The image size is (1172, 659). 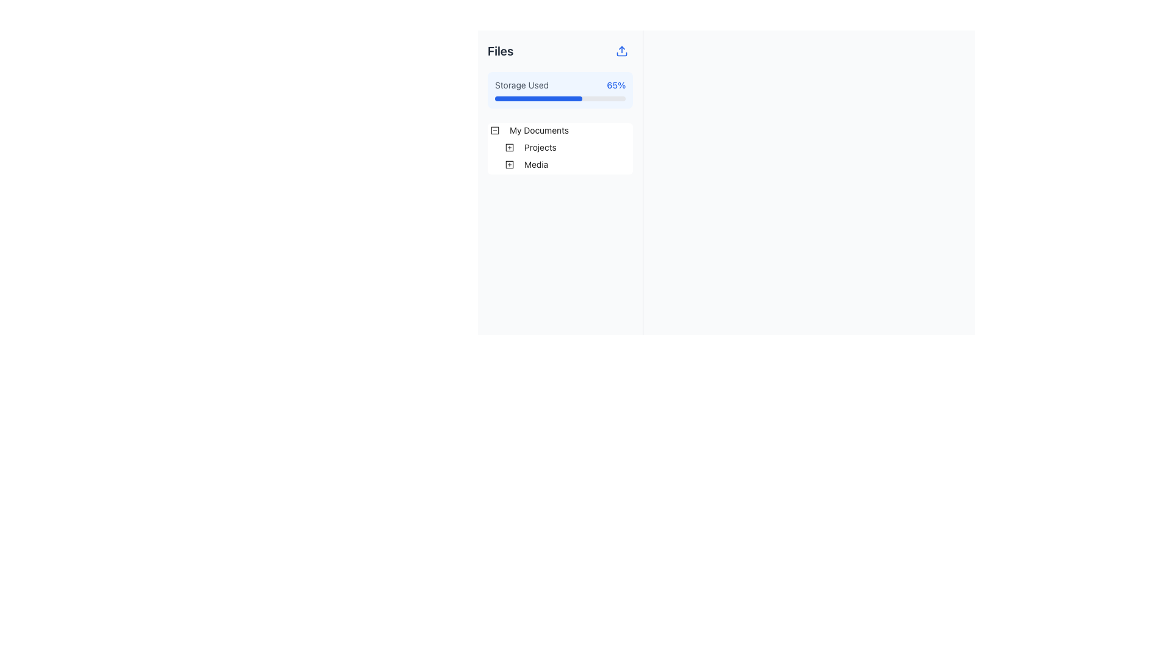 What do you see at coordinates (510, 165) in the screenshot?
I see `the graphical square outline with rounded corners, which is part of the icon located near the 'Media' tree structure in the file management interface` at bounding box center [510, 165].